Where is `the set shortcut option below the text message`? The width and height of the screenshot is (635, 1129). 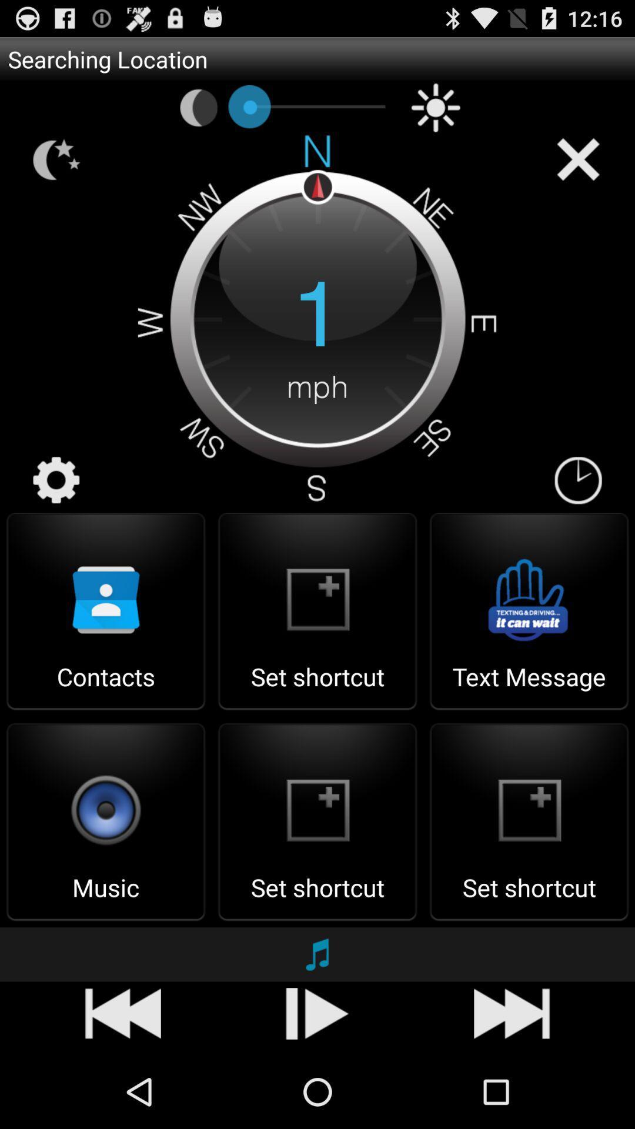 the set shortcut option below the text message is located at coordinates (528, 821).